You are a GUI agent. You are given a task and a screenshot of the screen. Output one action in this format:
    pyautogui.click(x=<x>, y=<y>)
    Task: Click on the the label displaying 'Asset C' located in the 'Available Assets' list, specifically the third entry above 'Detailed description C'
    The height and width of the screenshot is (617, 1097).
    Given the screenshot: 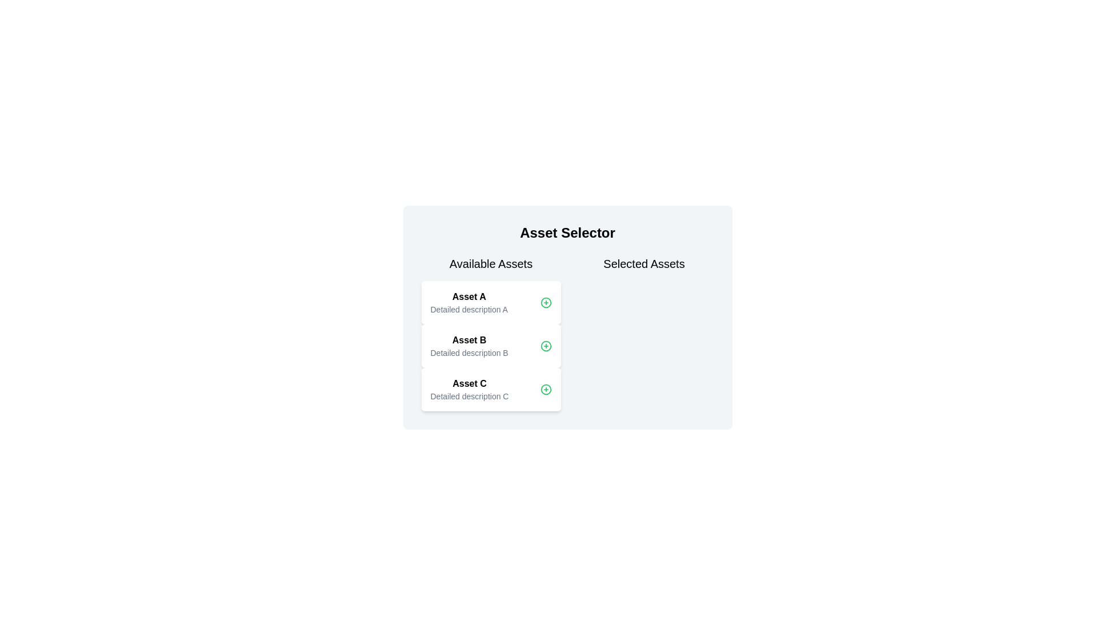 What is the action you would take?
    pyautogui.click(x=469, y=383)
    